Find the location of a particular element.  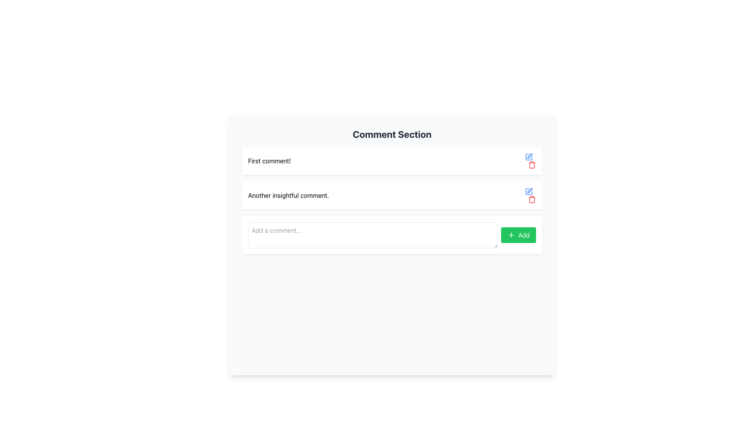

the delete button, which is the second icon in a set positioned to the right of the comment text box, to change its color is located at coordinates (532, 164).